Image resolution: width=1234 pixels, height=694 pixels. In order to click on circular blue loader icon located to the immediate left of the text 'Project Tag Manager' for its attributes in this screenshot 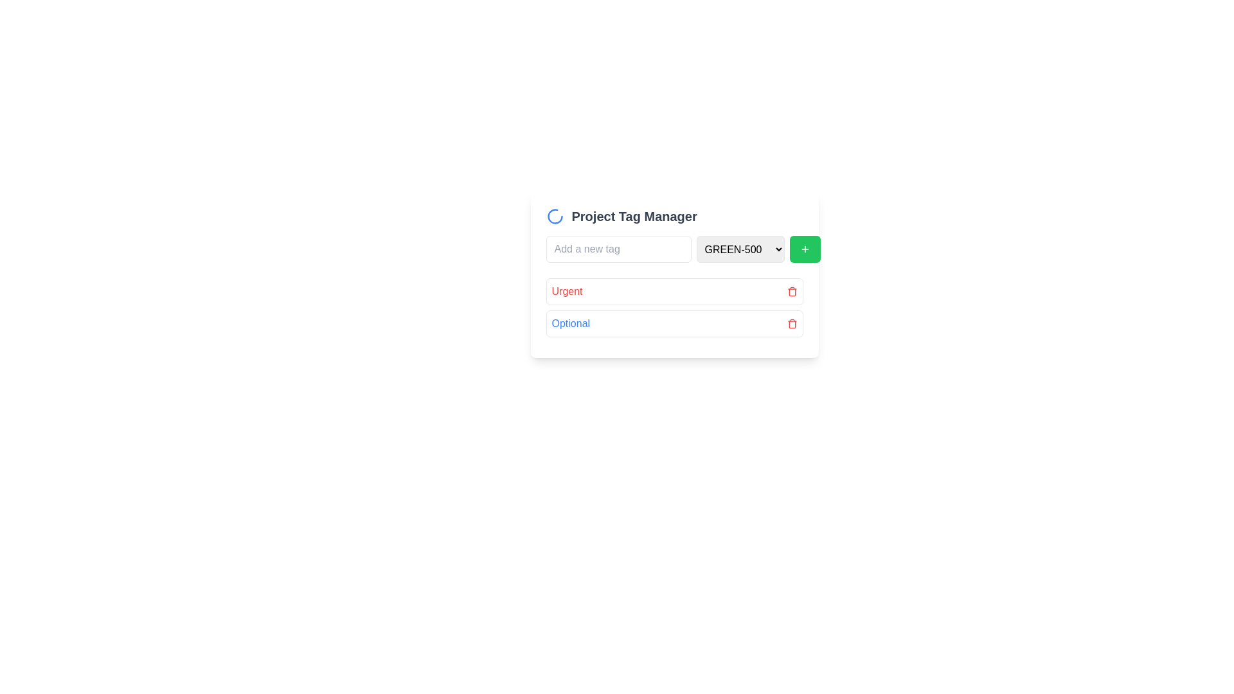, I will do `click(555, 215)`.